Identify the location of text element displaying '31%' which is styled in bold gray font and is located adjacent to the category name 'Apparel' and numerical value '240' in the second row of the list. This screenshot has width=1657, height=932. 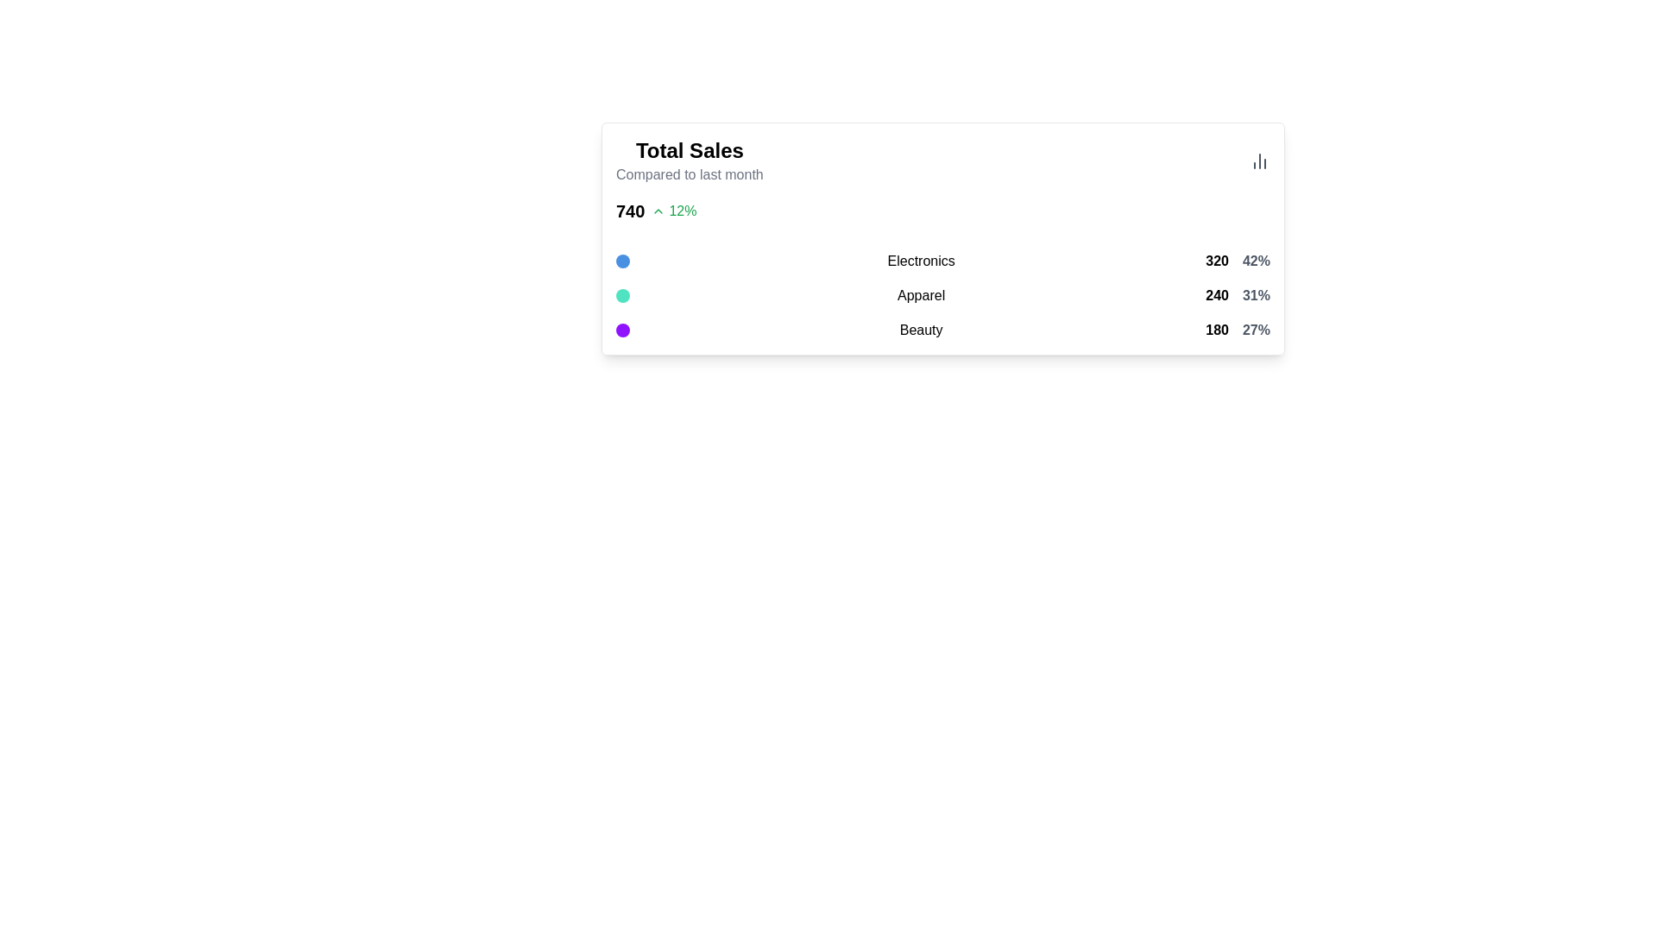
(1256, 295).